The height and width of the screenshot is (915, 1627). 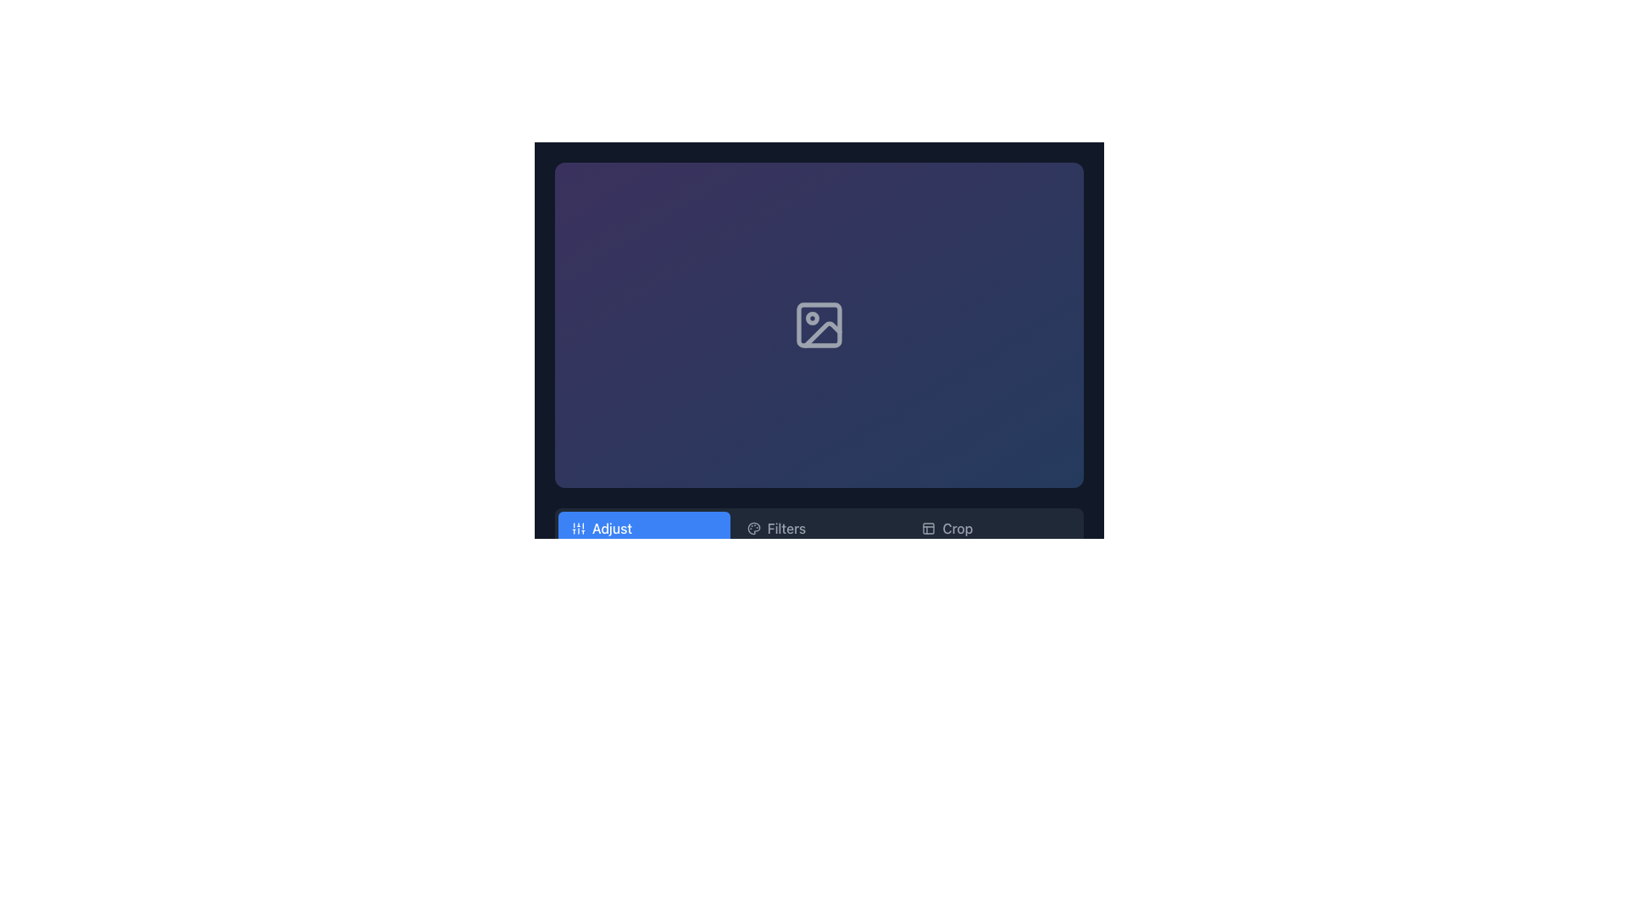 I want to click on the diagonal line-like component within the image frame icon, so click(x=822, y=334).